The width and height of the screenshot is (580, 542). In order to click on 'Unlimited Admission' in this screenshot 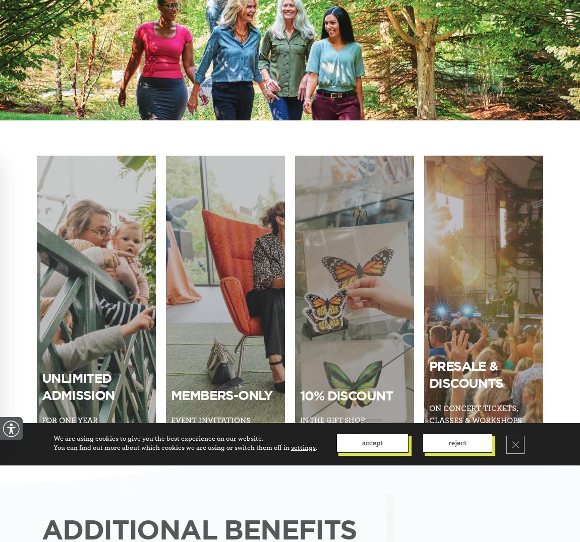, I will do `click(41, 386)`.